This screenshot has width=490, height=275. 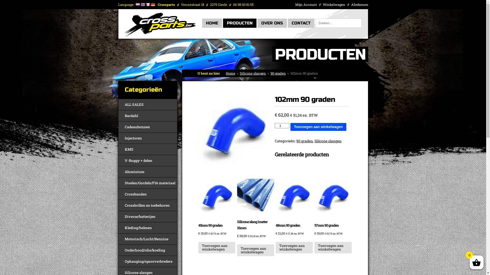 What do you see at coordinates (148, 138) in the screenshot?
I see `'Injectoren'` at bounding box center [148, 138].